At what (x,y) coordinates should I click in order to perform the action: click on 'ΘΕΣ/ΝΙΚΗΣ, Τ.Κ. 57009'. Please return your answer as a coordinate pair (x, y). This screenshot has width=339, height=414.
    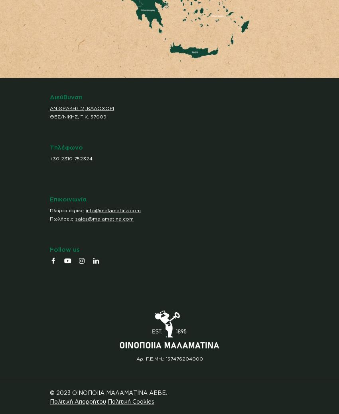
    Looking at the image, I should click on (78, 116).